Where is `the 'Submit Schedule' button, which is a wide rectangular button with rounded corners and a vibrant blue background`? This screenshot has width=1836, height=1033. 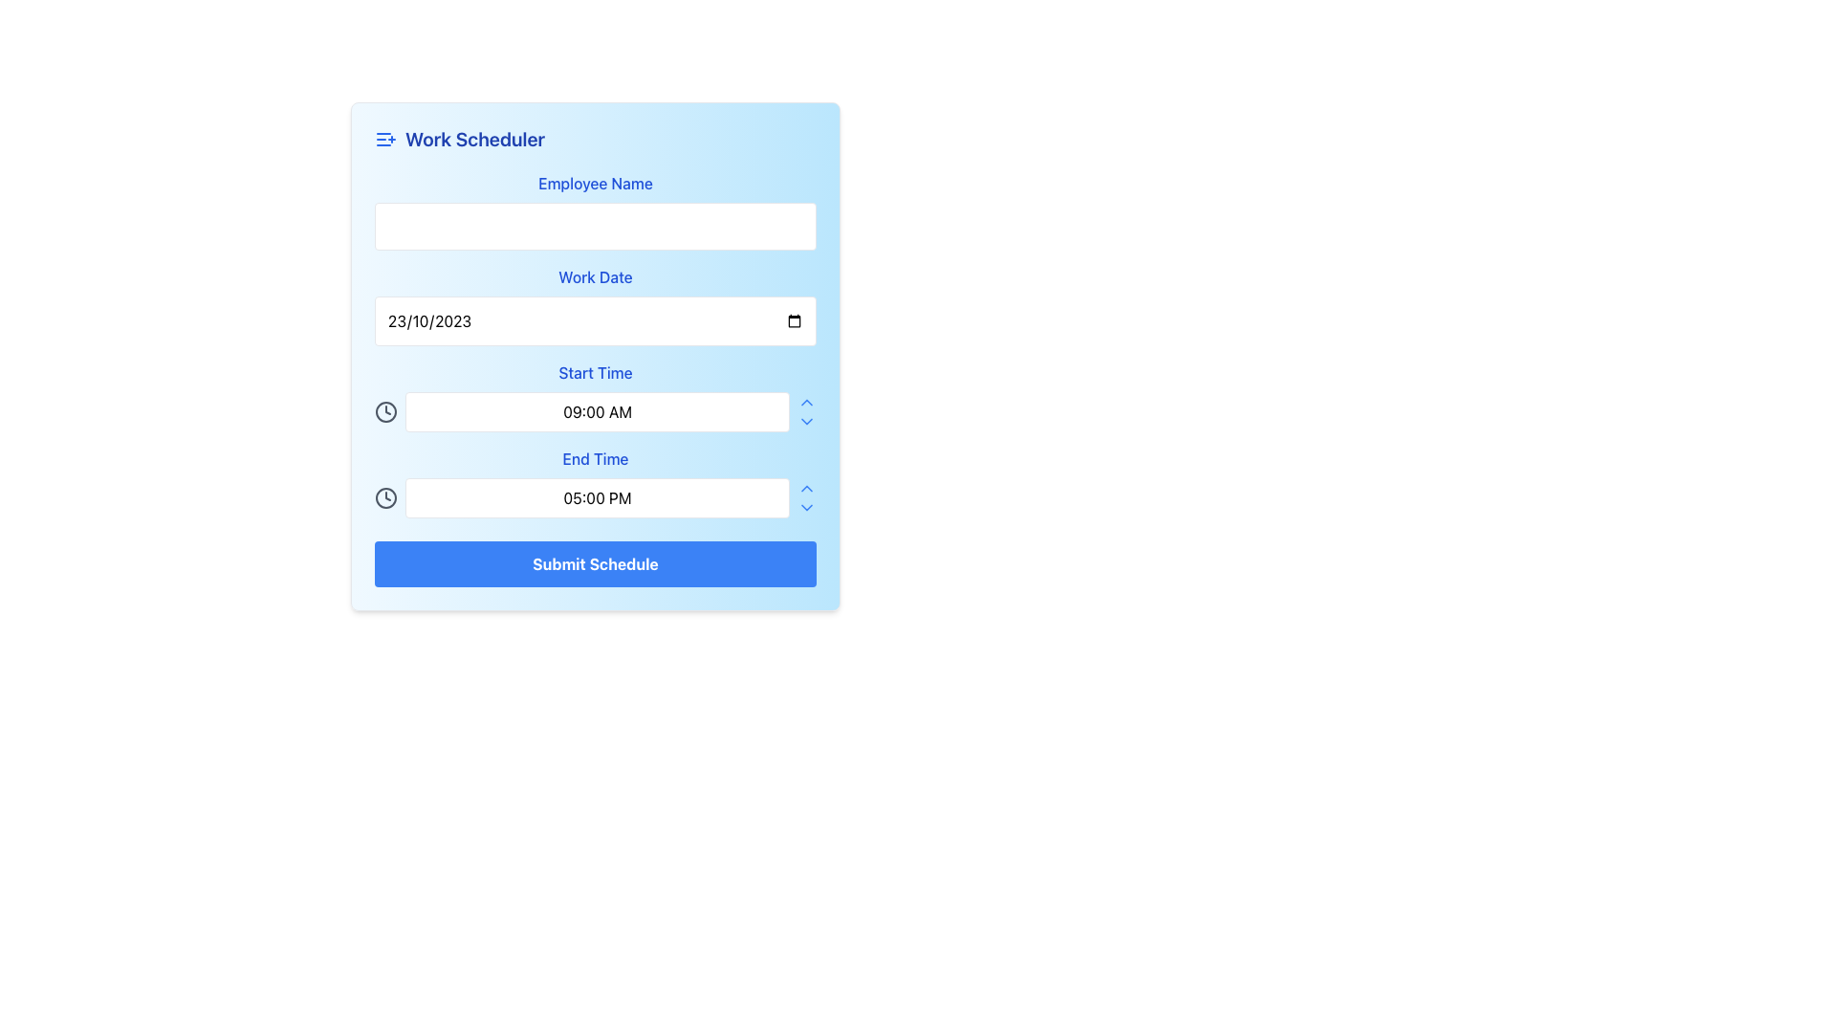
the 'Submit Schedule' button, which is a wide rectangular button with rounded corners and a vibrant blue background is located at coordinates (595, 563).